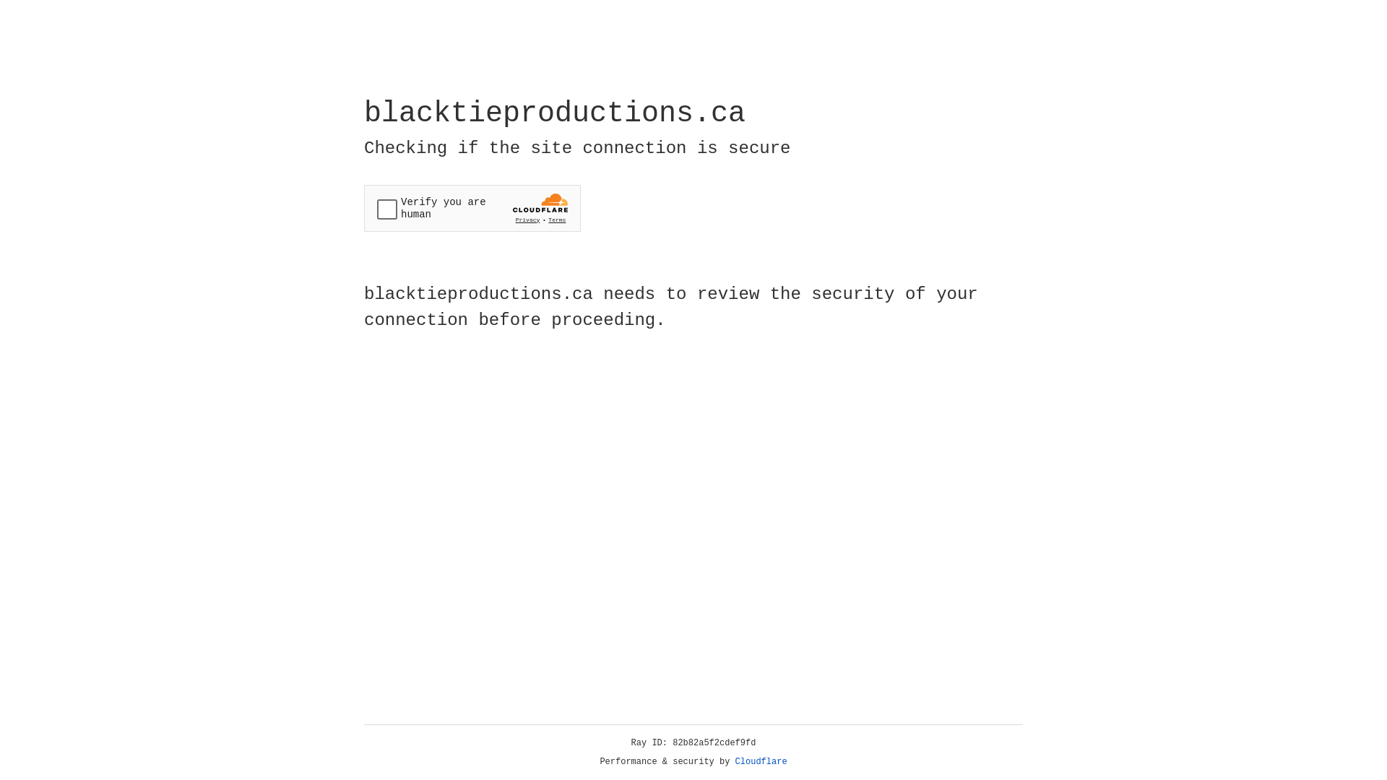  Describe the element at coordinates (761, 761) in the screenshot. I see `'Cloudflare'` at that location.